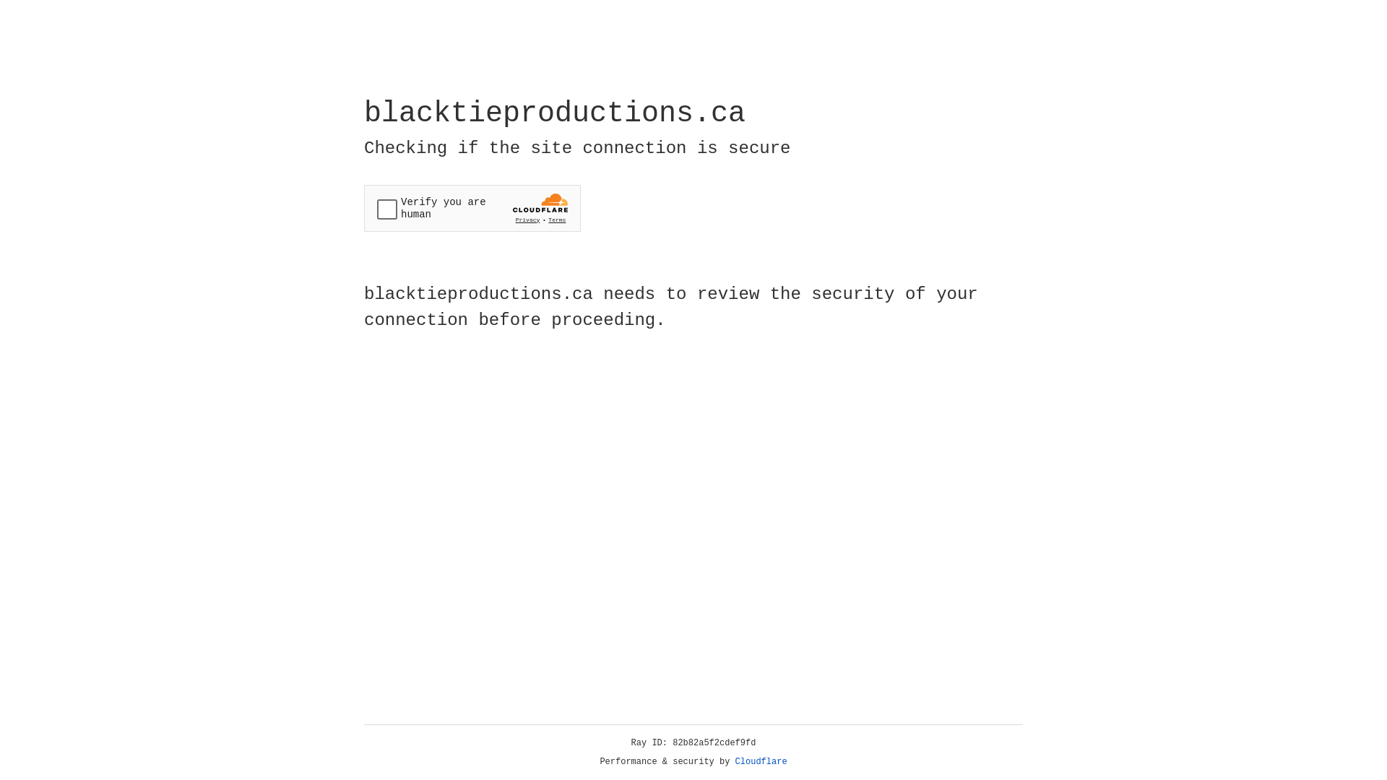  Describe the element at coordinates (761, 761) in the screenshot. I see `'Cloudflare'` at that location.